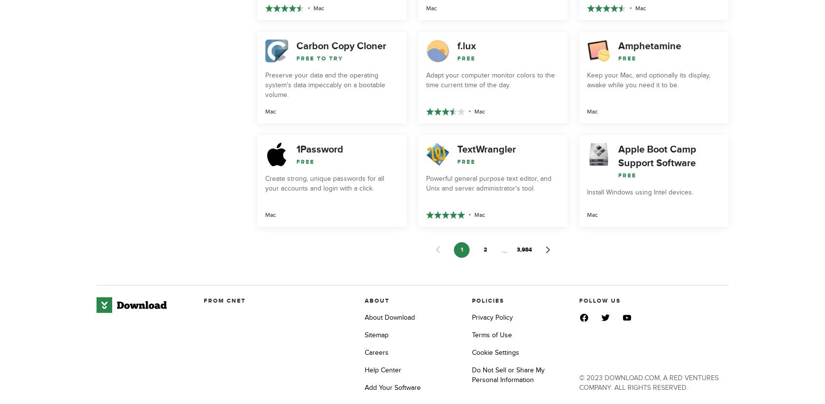 This screenshot has width=825, height=404. What do you see at coordinates (649, 46) in the screenshot?
I see `'Amphetamine'` at bounding box center [649, 46].